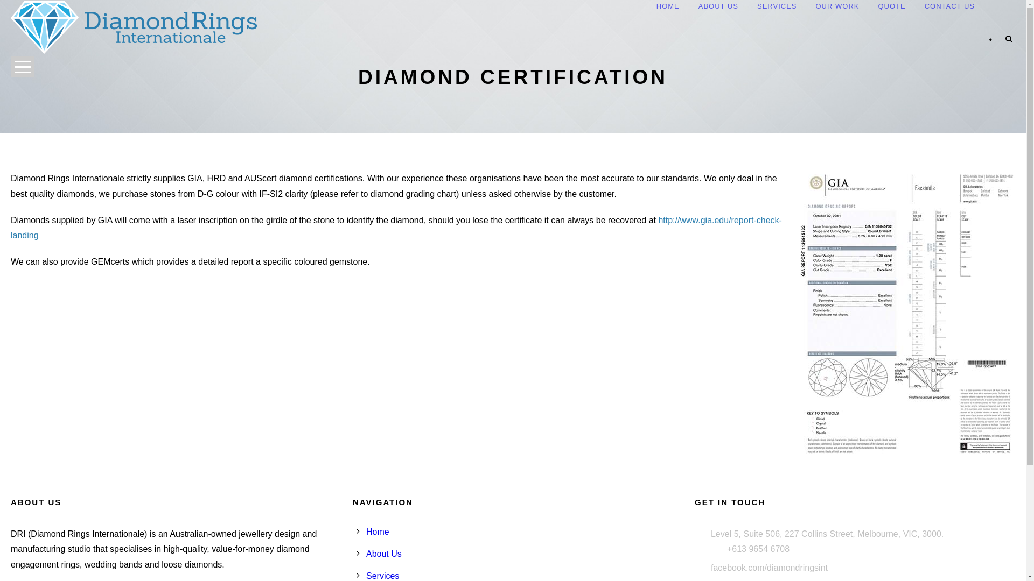  What do you see at coordinates (757, 549) in the screenshot?
I see `'+613 9654 6708'` at bounding box center [757, 549].